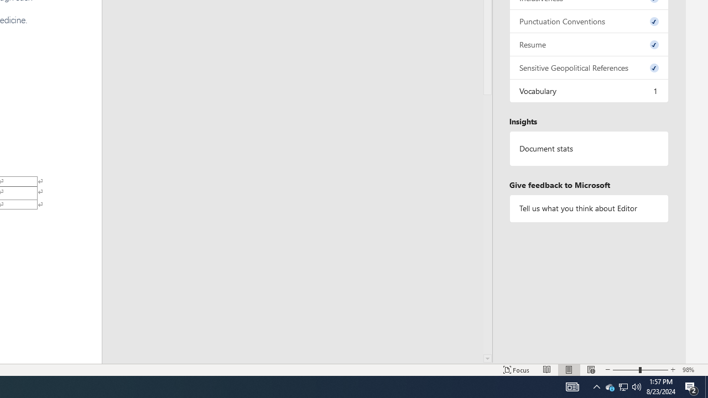  What do you see at coordinates (626, 370) in the screenshot?
I see `'Zoom Out'` at bounding box center [626, 370].